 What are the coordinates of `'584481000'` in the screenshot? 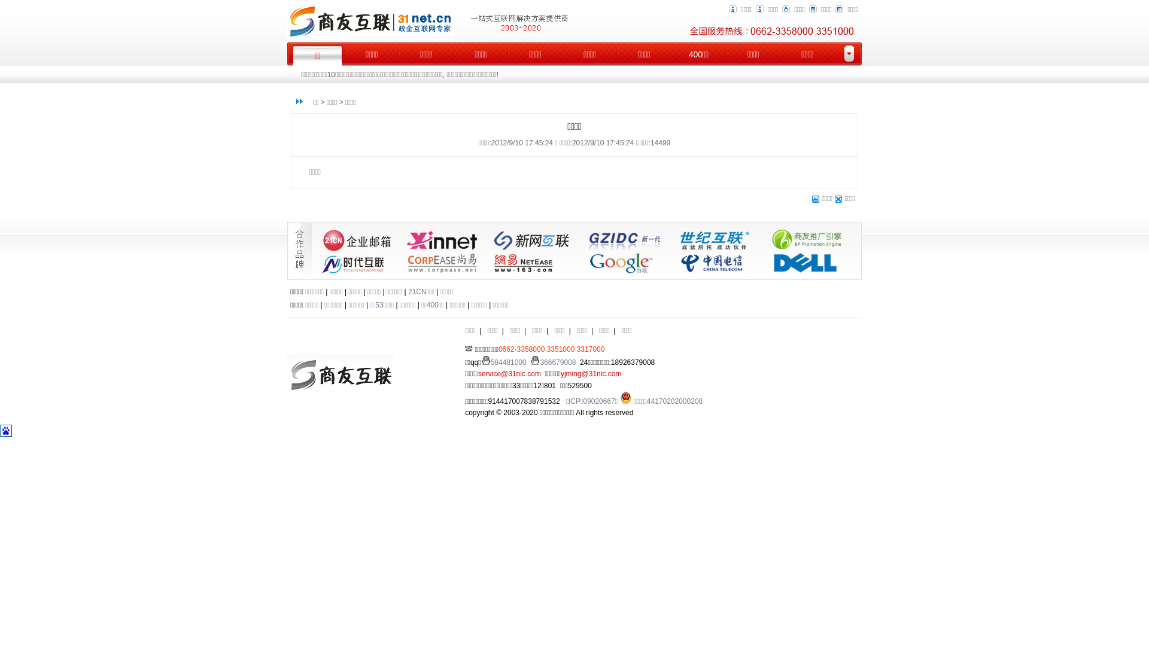 It's located at (503, 361).